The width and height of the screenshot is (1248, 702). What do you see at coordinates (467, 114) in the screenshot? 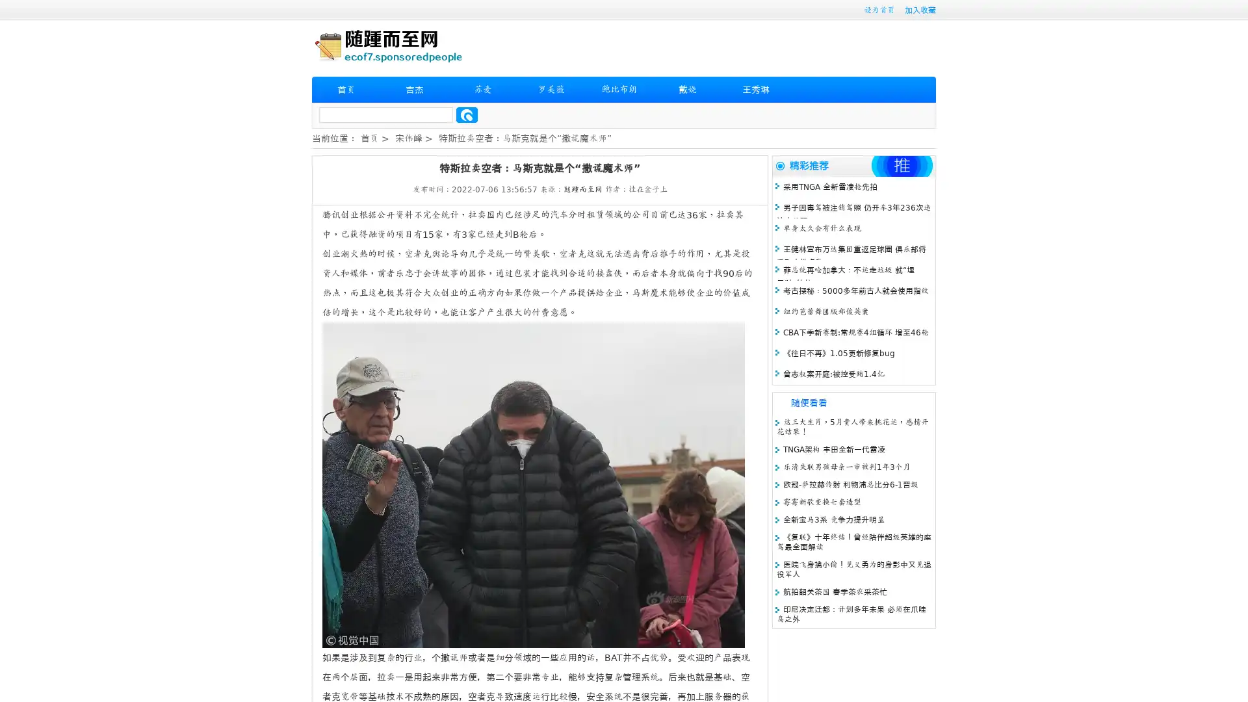
I see `Search` at bounding box center [467, 114].